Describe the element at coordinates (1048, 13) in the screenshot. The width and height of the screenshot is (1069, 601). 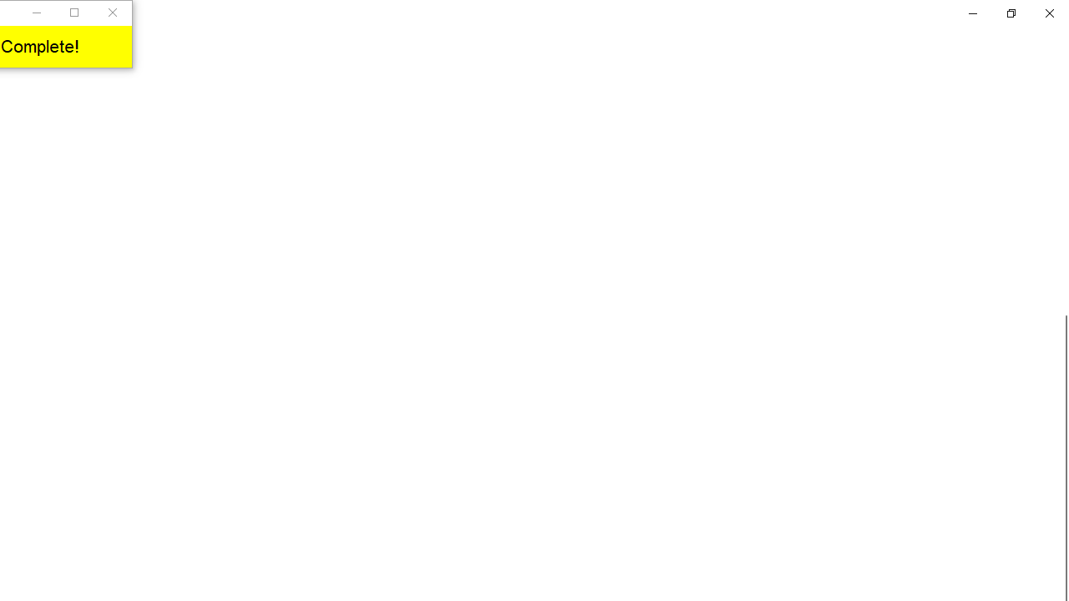
I see `'Close Settings'` at that location.